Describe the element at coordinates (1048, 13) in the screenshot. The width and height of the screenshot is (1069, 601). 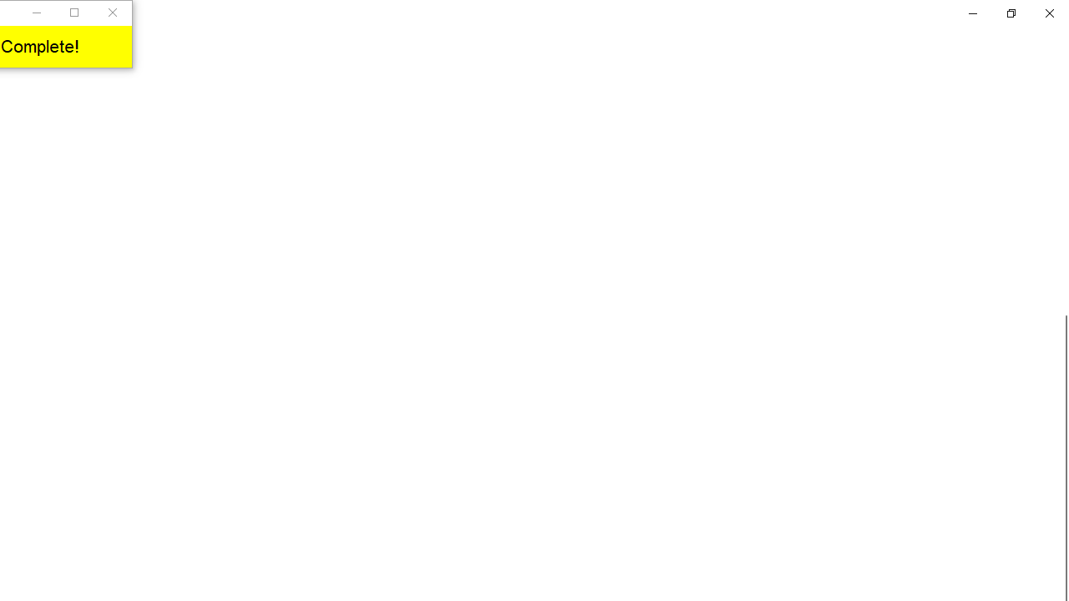
I see `'Close Settings'` at that location.